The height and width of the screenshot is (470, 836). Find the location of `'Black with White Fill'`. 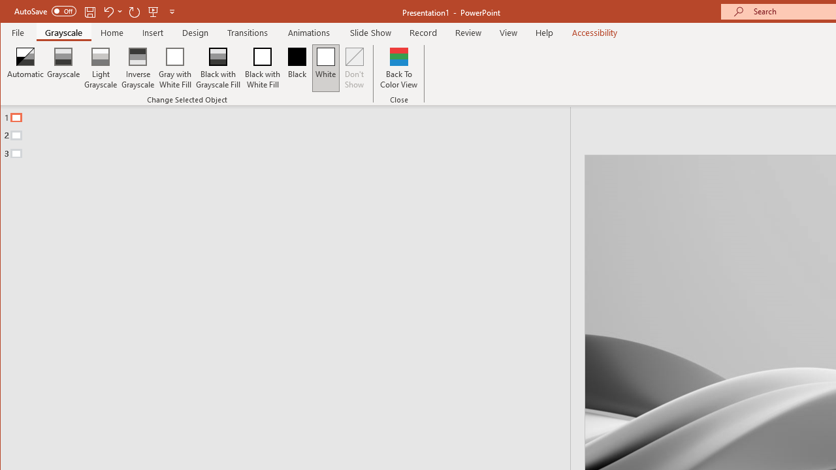

'Black with White Fill' is located at coordinates (262, 68).